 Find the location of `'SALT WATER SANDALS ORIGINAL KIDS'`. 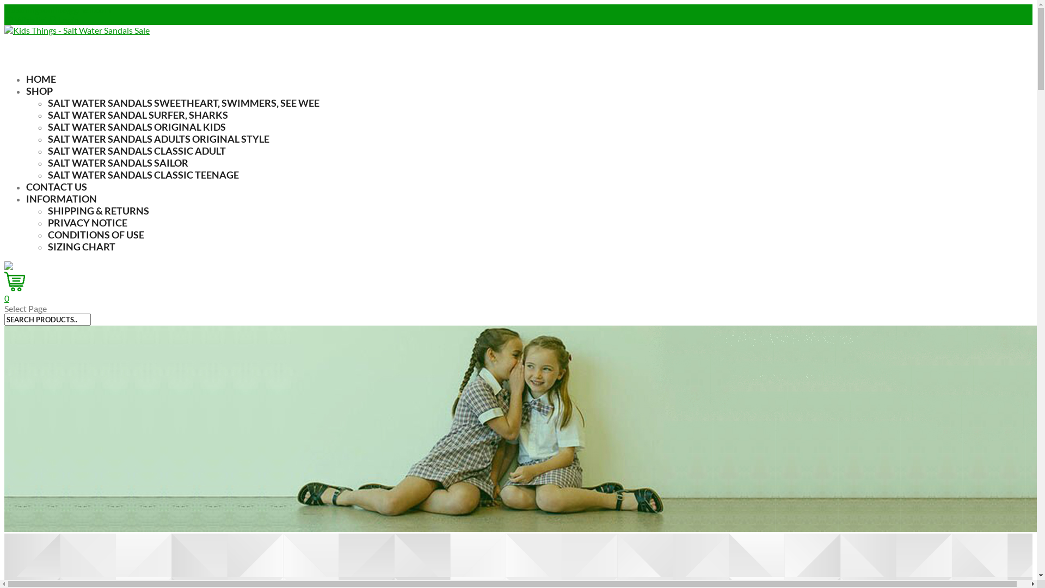

'SALT WATER SANDALS ORIGINAL KIDS' is located at coordinates (136, 126).